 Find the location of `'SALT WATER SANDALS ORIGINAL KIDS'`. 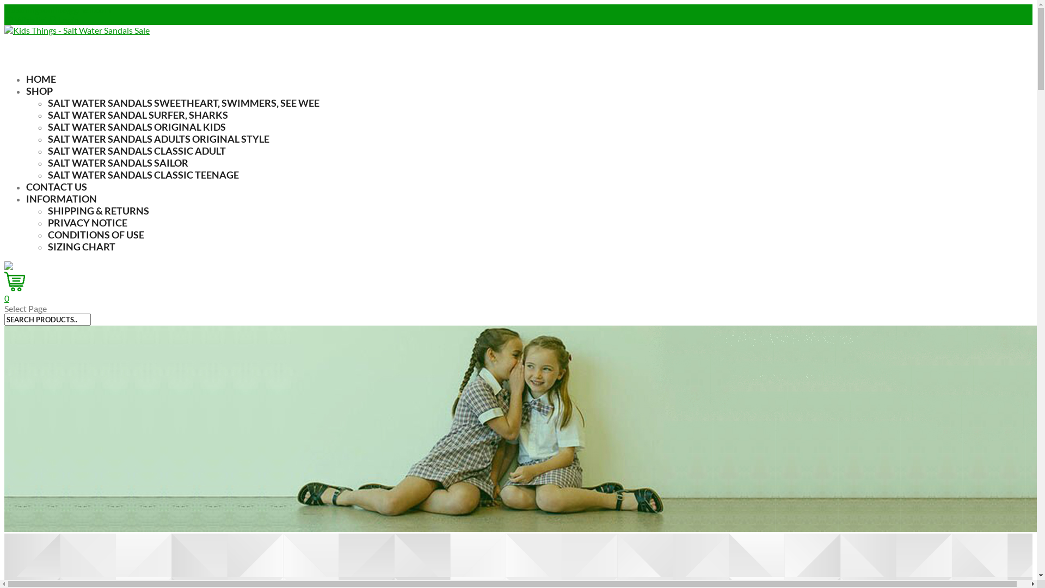

'SALT WATER SANDALS ORIGINAL KIDS' is located at coordinates (136, 126).